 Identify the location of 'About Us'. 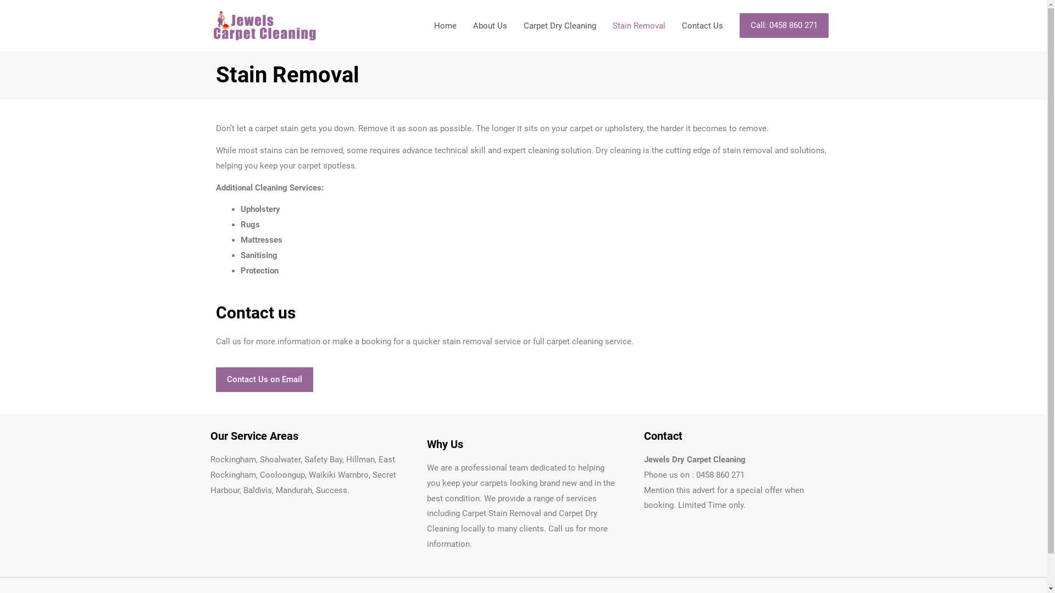
(490, 25).